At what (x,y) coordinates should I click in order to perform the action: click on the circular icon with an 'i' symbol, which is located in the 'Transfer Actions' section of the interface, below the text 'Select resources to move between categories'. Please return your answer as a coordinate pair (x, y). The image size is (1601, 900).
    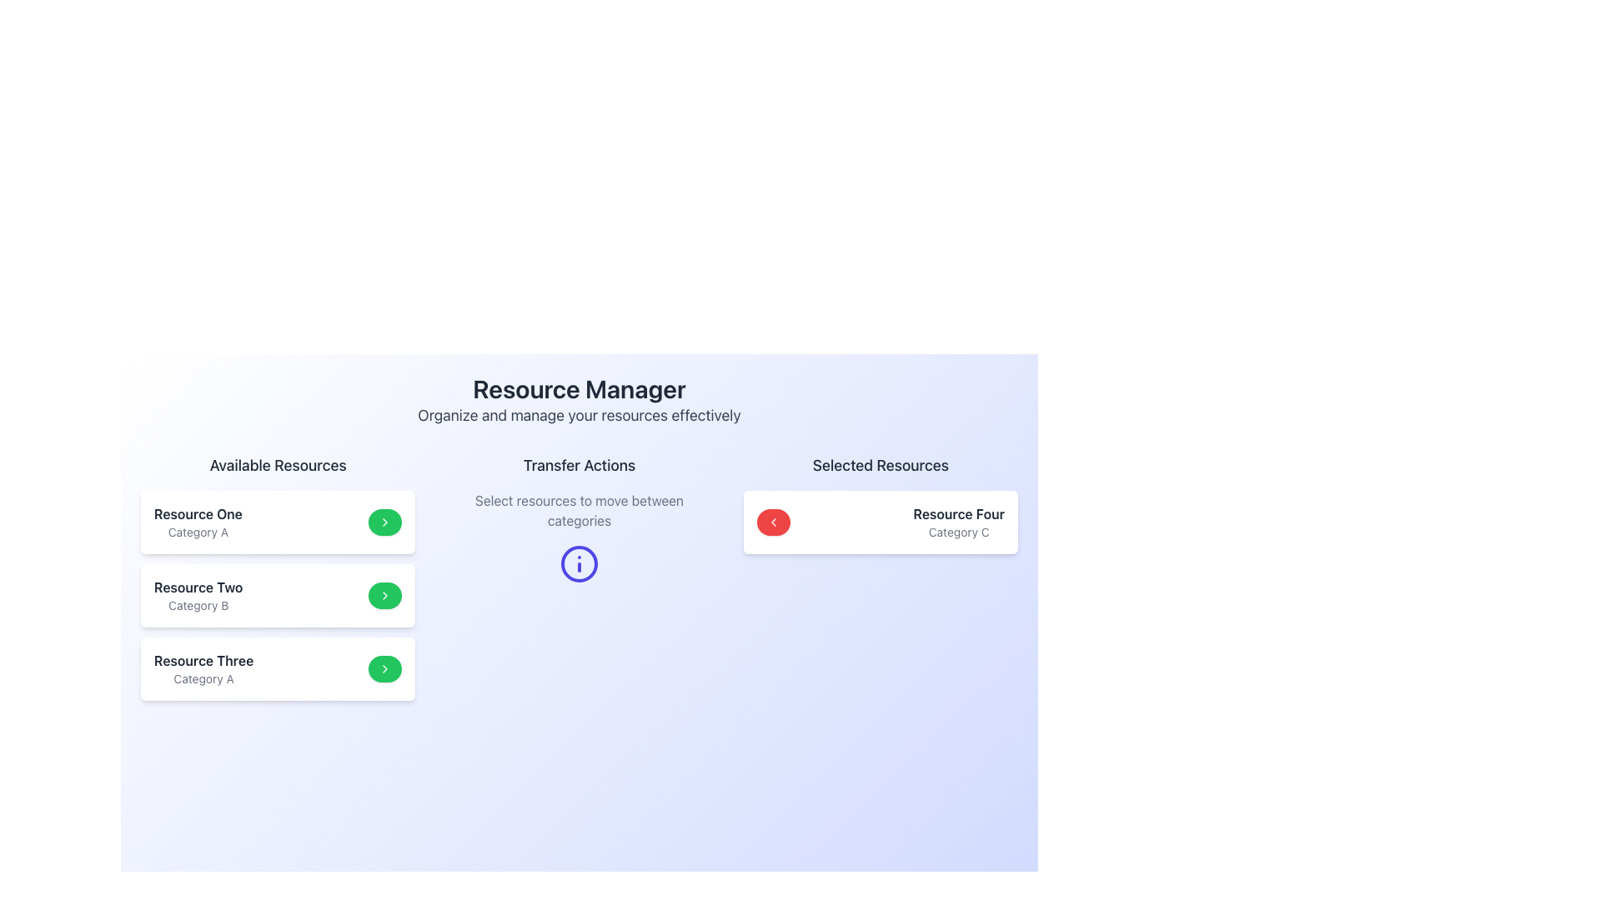
    Looking at the image, I should click on (580, 563).